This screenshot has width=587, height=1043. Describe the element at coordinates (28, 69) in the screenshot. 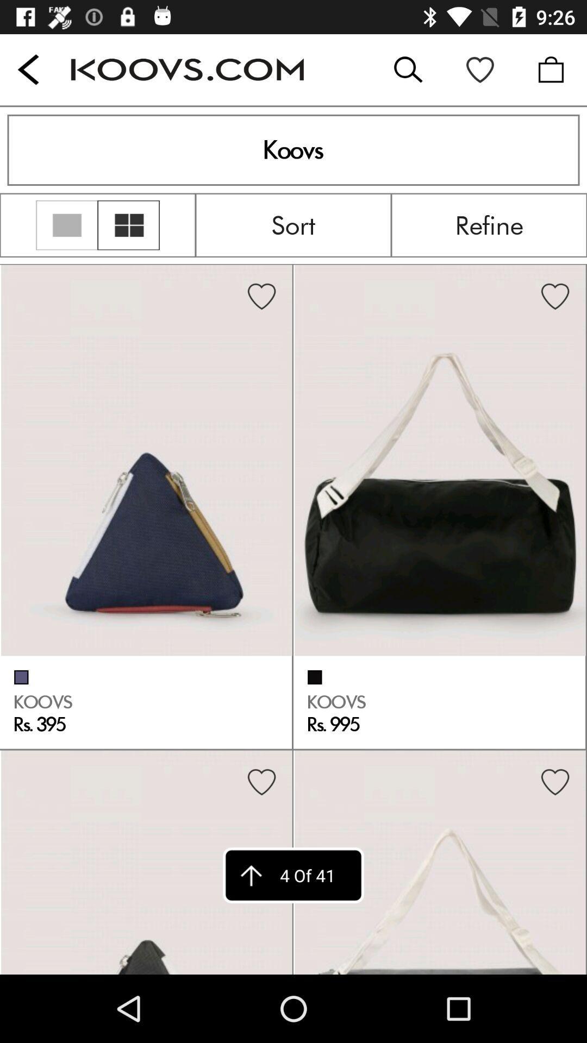

I see `the arrow_backward icon` at that location.